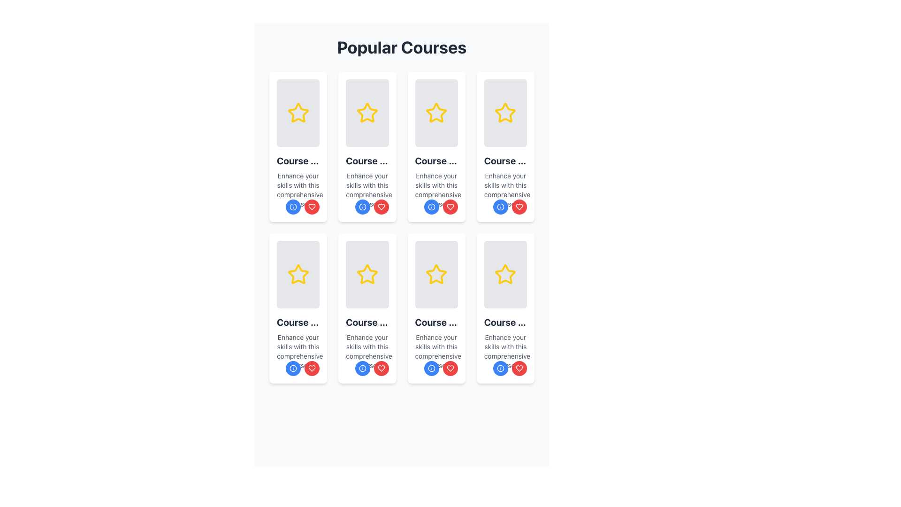 The width and height of the screenshot is (901, 507). Describe the element at coordinates (381, 368) in the screenshot. I see `the 'like' or 'favorite' button located at the bottom-right corner of the card in the 'Popular Courses' grid to observe the hover effect` at that location.